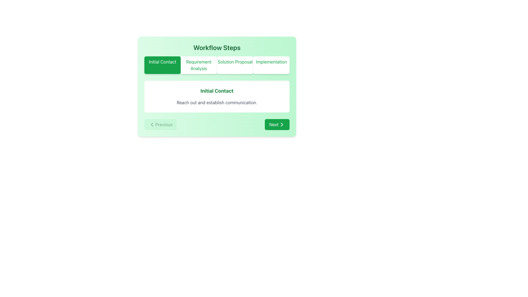 Image resolution: width=528 pixels, height=297 pixels. I want to click on the Left-facing navigation arrow icon located within the 'Previous' button at the bottom-left corner of the workflow interface, so click(152, 124).